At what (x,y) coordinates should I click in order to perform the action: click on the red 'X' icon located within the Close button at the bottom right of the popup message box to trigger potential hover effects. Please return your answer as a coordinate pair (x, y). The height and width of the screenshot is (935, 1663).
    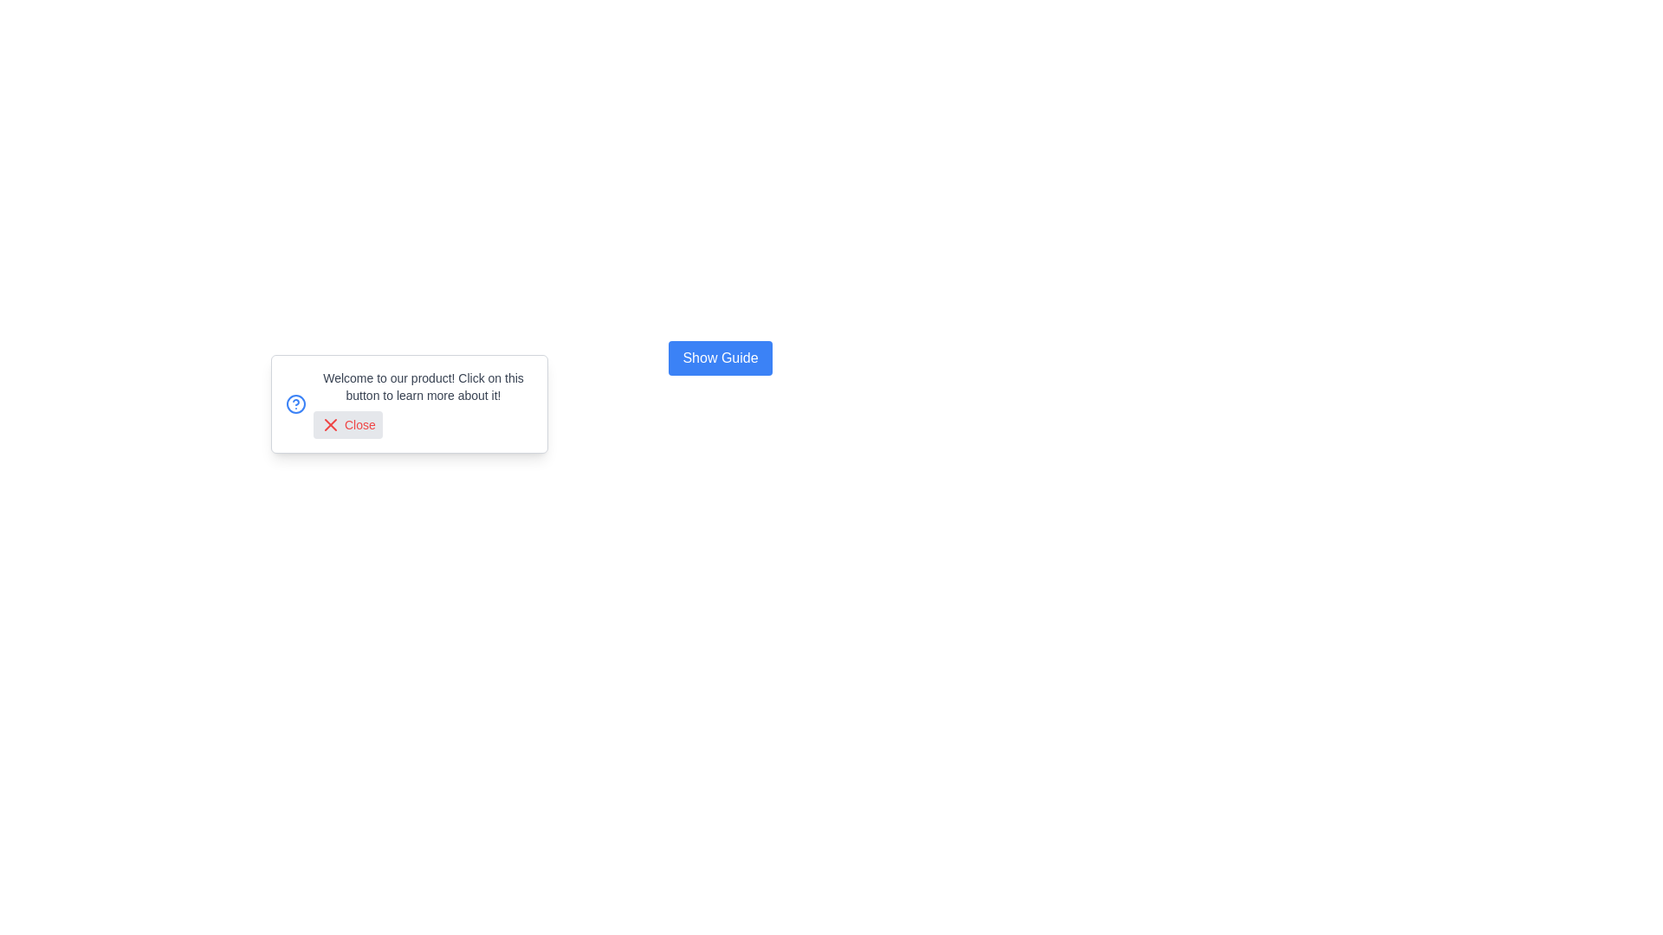
    Looking at the image, I should click on (331, 424).